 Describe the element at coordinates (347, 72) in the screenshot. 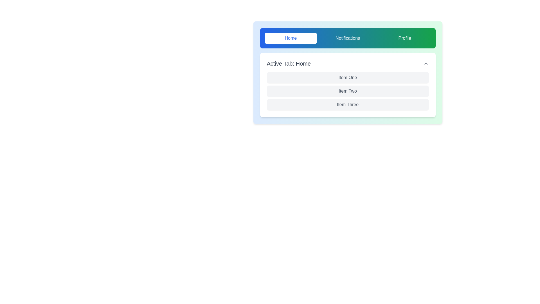

I see `to select or activate the interactive items in the list located beneath the 'Active Tab: Home' label` at that location.